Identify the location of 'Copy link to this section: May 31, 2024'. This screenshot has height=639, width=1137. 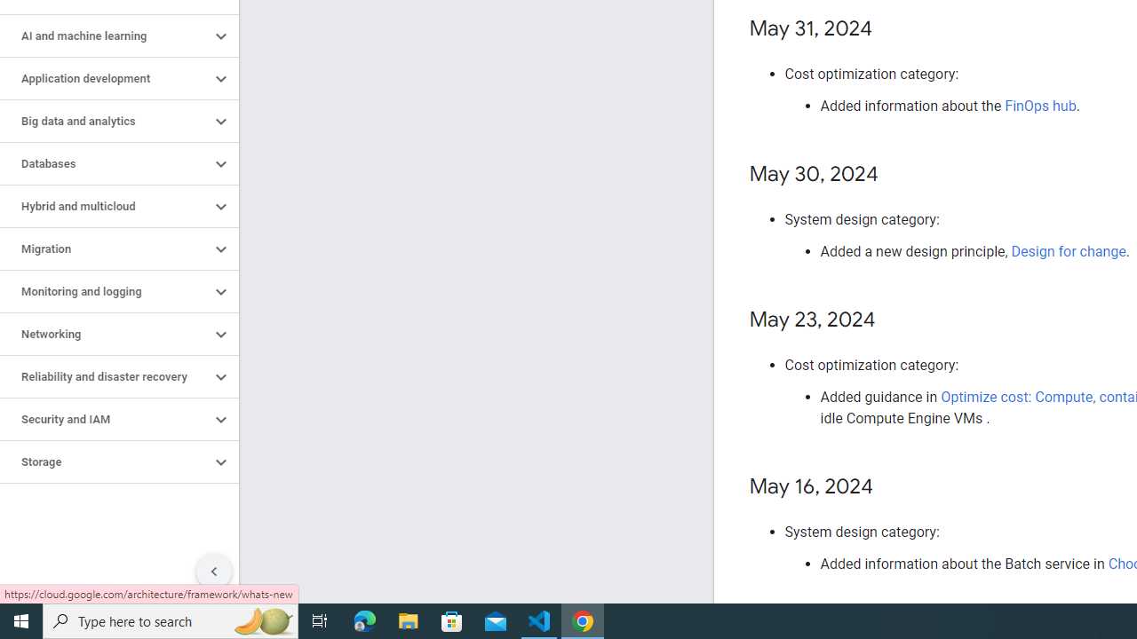
(890, 29).